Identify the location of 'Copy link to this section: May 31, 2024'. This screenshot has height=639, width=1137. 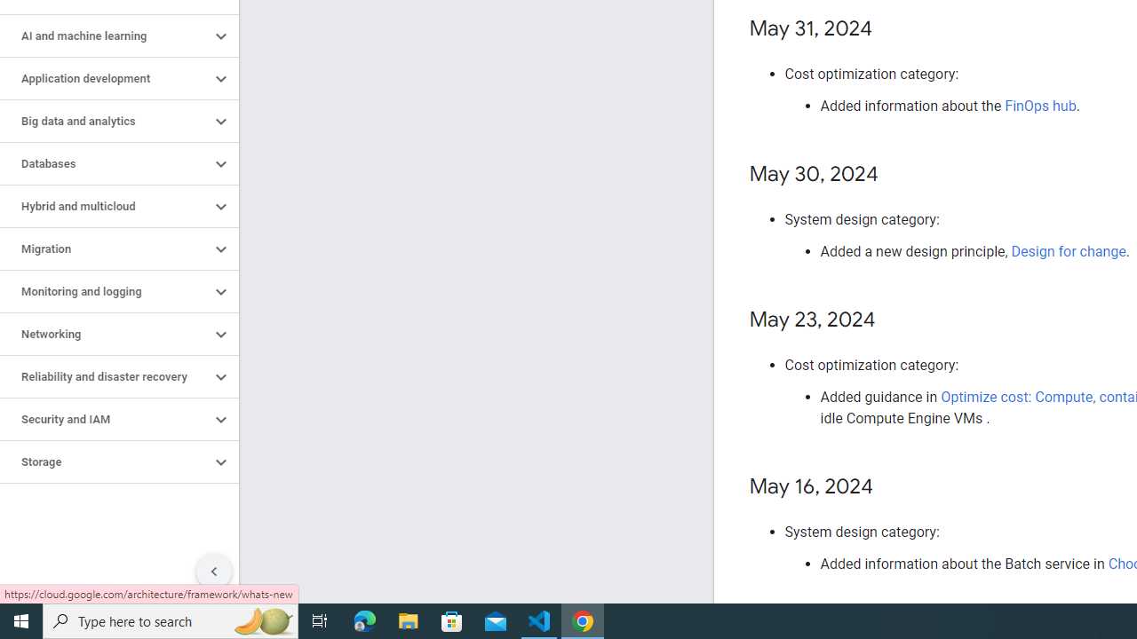
(890, 29).